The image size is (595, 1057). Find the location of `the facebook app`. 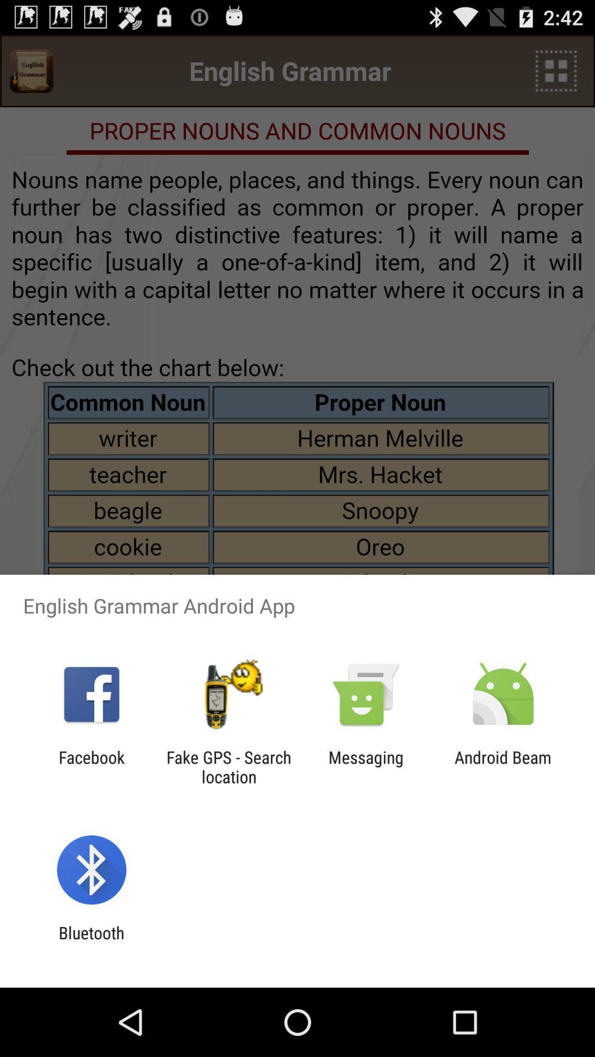

the facebook app is located at coordinates (91, 766).